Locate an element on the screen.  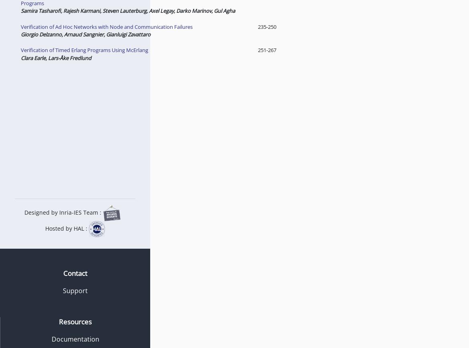
'Clara Earle, Lars-Åke Fredlund' is located at coordinates (55, 57).